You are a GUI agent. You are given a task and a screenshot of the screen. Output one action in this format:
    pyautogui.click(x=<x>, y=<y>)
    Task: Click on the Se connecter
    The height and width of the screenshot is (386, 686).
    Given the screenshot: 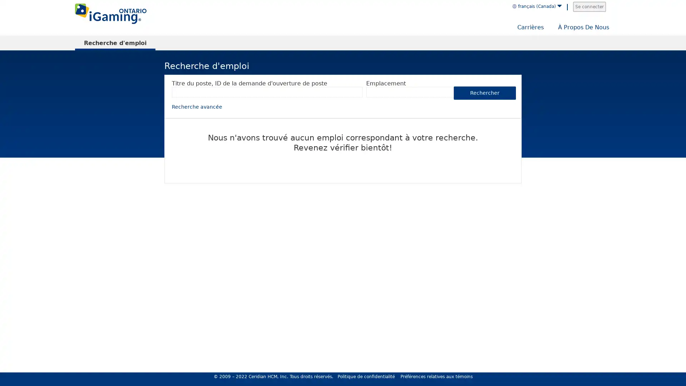 What is the action you would take?
    pyautogui.click(x=590, y=7)
    